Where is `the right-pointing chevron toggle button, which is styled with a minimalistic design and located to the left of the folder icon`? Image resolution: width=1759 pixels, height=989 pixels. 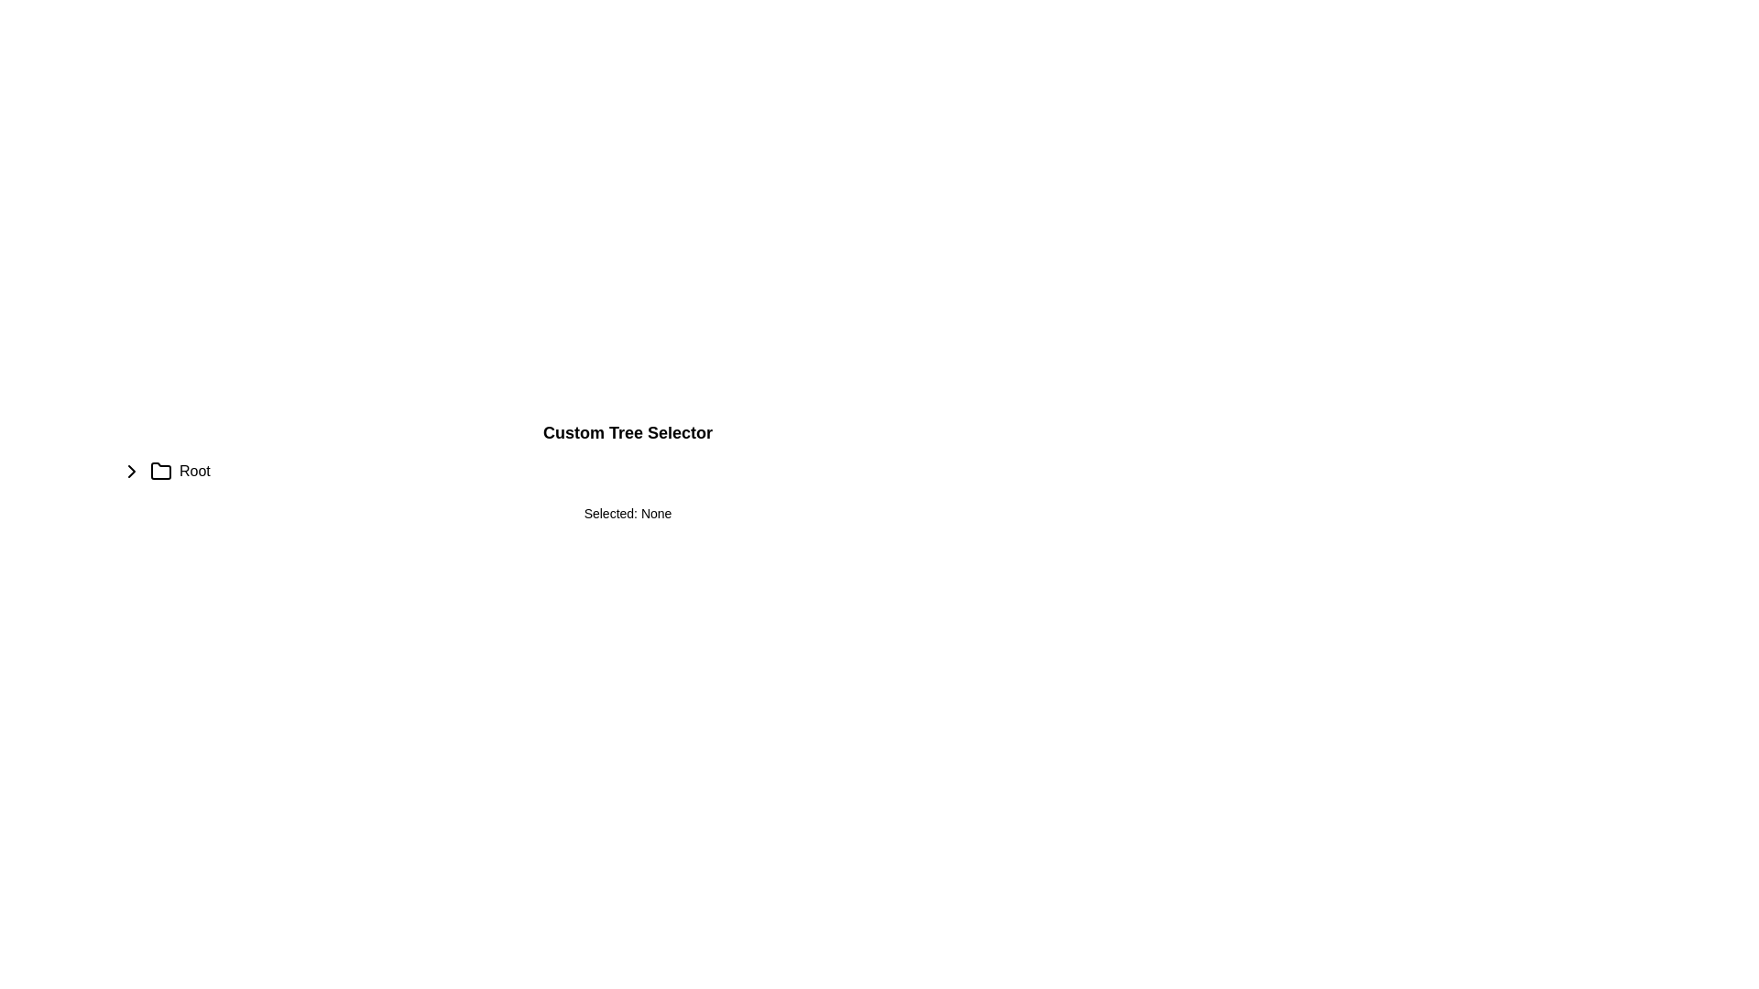 the right-pointing chevron toggle button, which is styled with a minimalistic design and located to the left of the folder icon is located at coordinates (131, 471).